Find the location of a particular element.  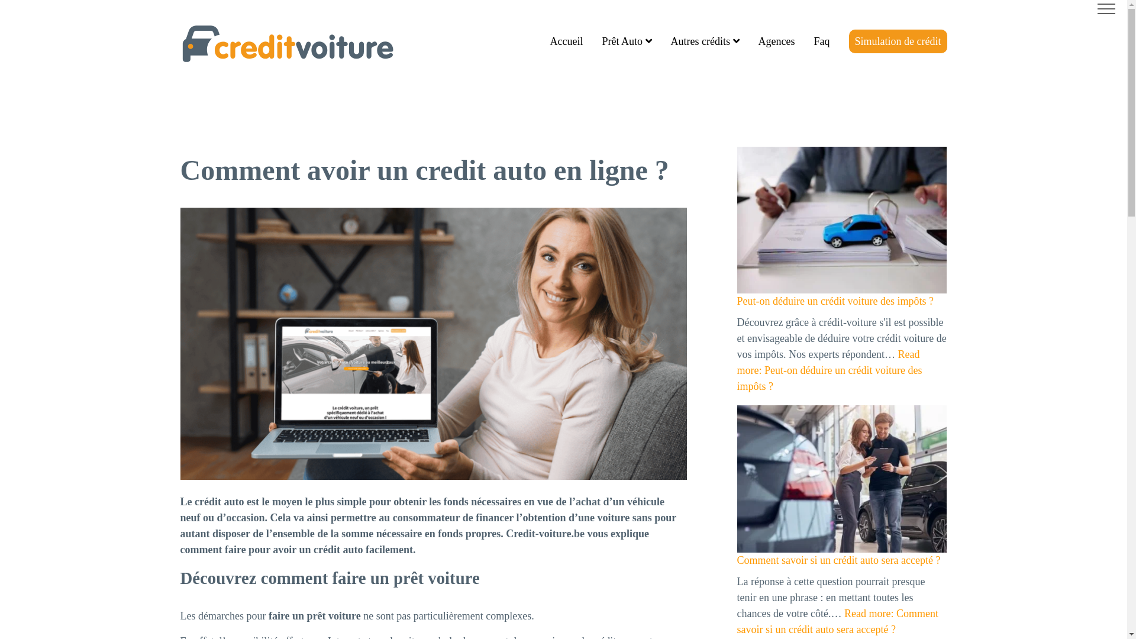

'Accueil' is located at coordinates (566, 40).